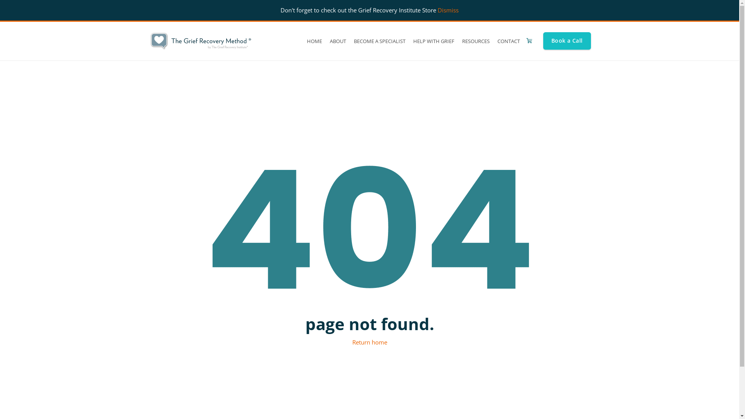  Describe the element at coordinates (379, 41) in the screenshot. I see `'BECOME A SPECIALIST'` at that location.